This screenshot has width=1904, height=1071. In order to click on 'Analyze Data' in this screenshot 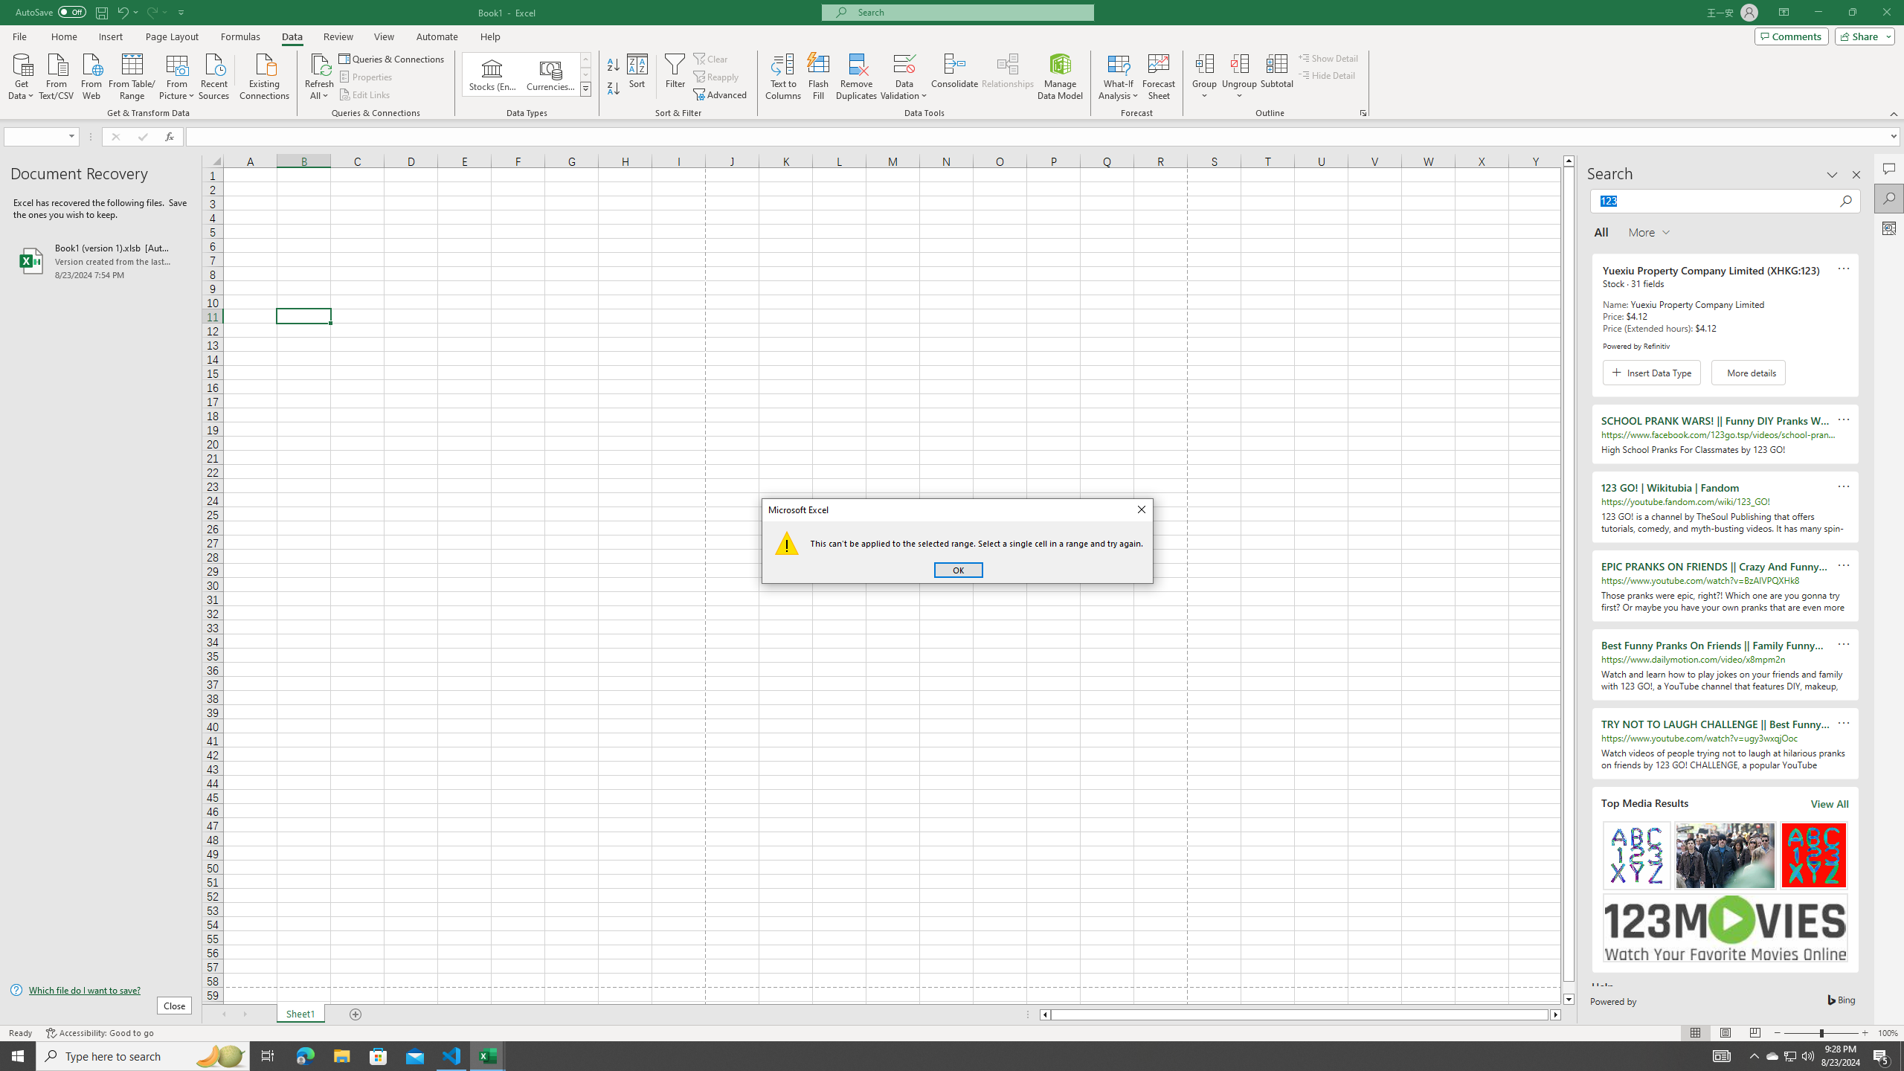, I will do `click(1888, 228)`.